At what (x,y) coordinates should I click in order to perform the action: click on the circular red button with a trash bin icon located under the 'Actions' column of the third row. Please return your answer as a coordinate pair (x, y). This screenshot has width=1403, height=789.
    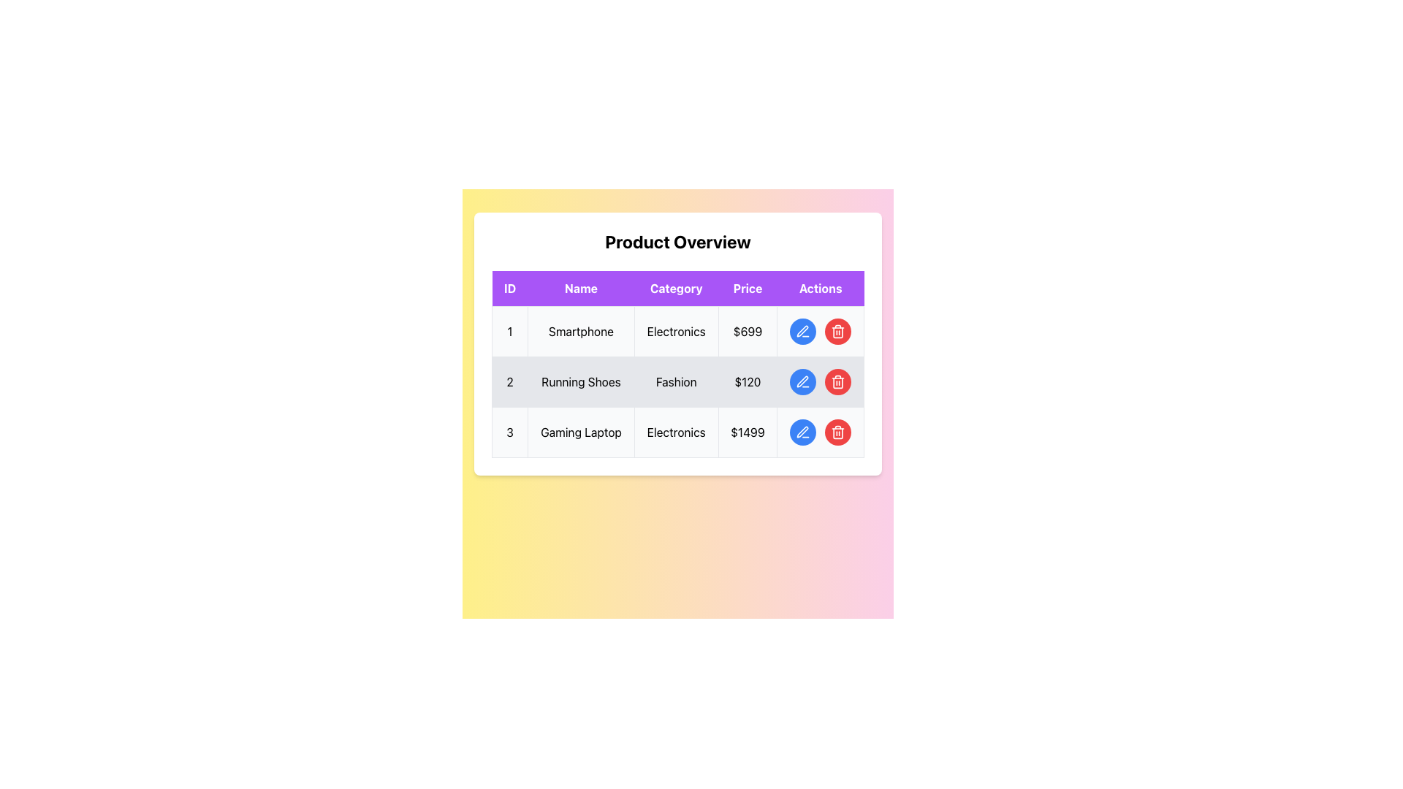
    Looking at the image, I should click on (838, 431).